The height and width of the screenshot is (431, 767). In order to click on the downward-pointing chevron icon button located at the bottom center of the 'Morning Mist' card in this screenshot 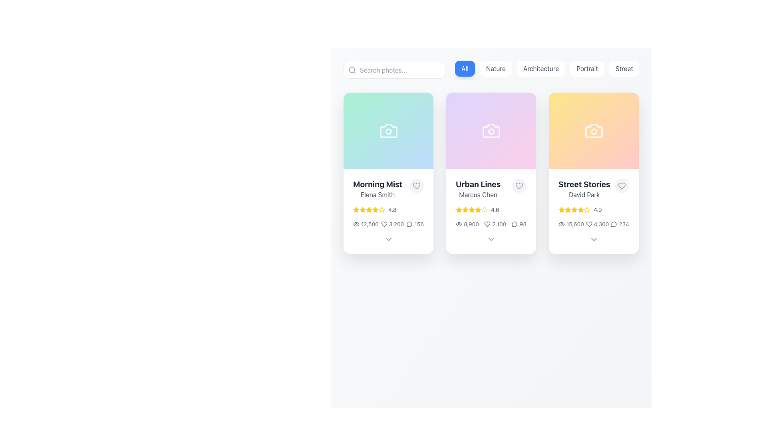, I will do `click(388, 239)`.